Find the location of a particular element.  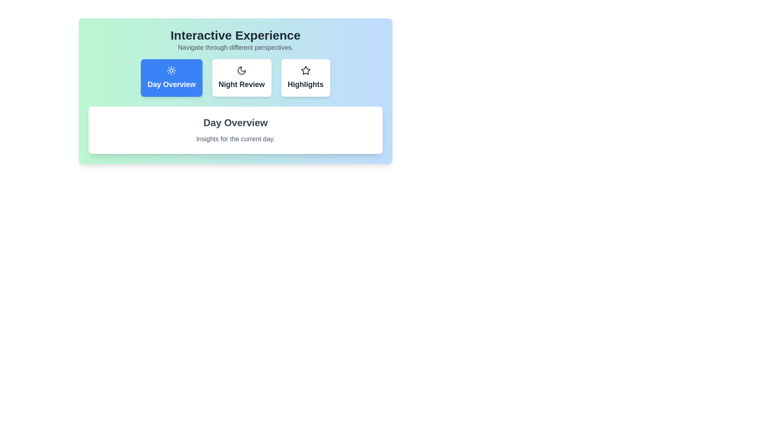

the Day Overview tab to switch to its content is located at coordinates (171, 78).